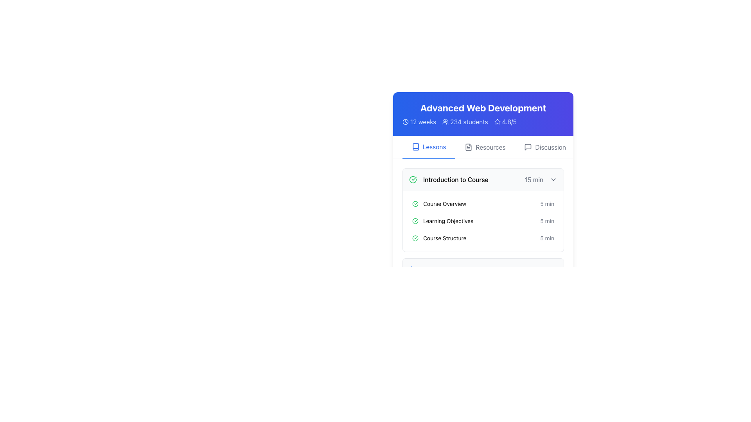 The height and width of the screenshot is (422, 751). I want to click on the 'Resources' button in the navigation menu, so click(484, 147).